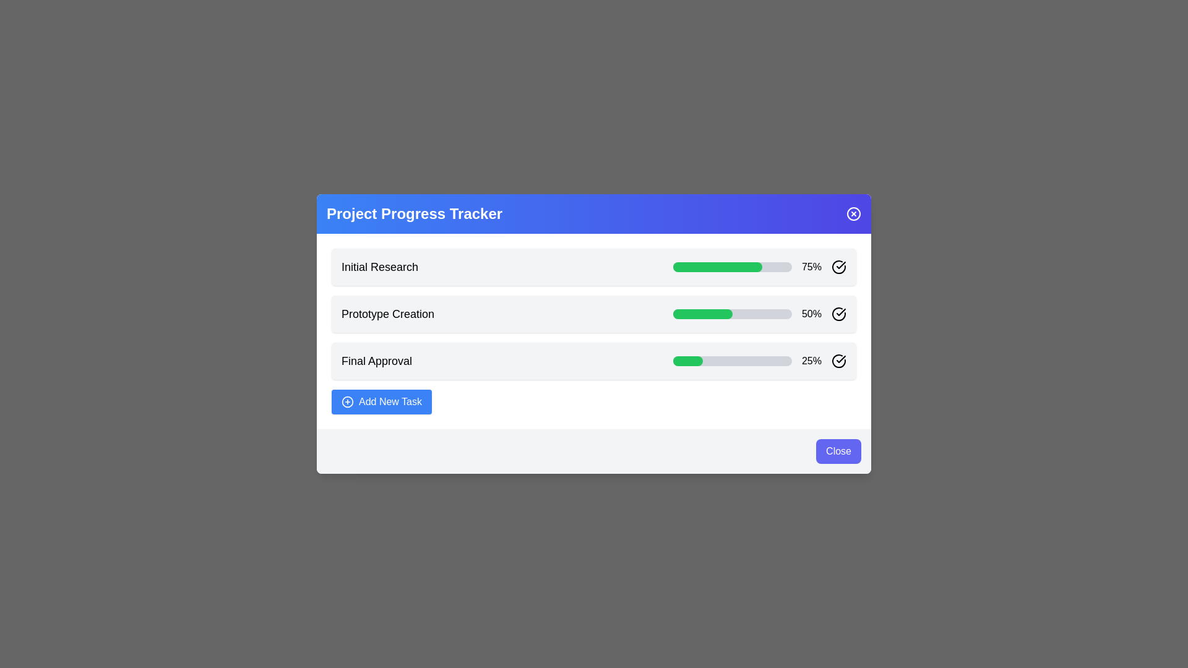 Image resolution: width=1188 pixels, height=668 pixels. What do you see at coordinates (346, 402) in the screenshot?
I see `the circular icon with a plus sign in the center, which is located to the left of the 'Add New Task' text in the blue button at the bottom left corner of the modal interface` at bounding box center [346, 402].